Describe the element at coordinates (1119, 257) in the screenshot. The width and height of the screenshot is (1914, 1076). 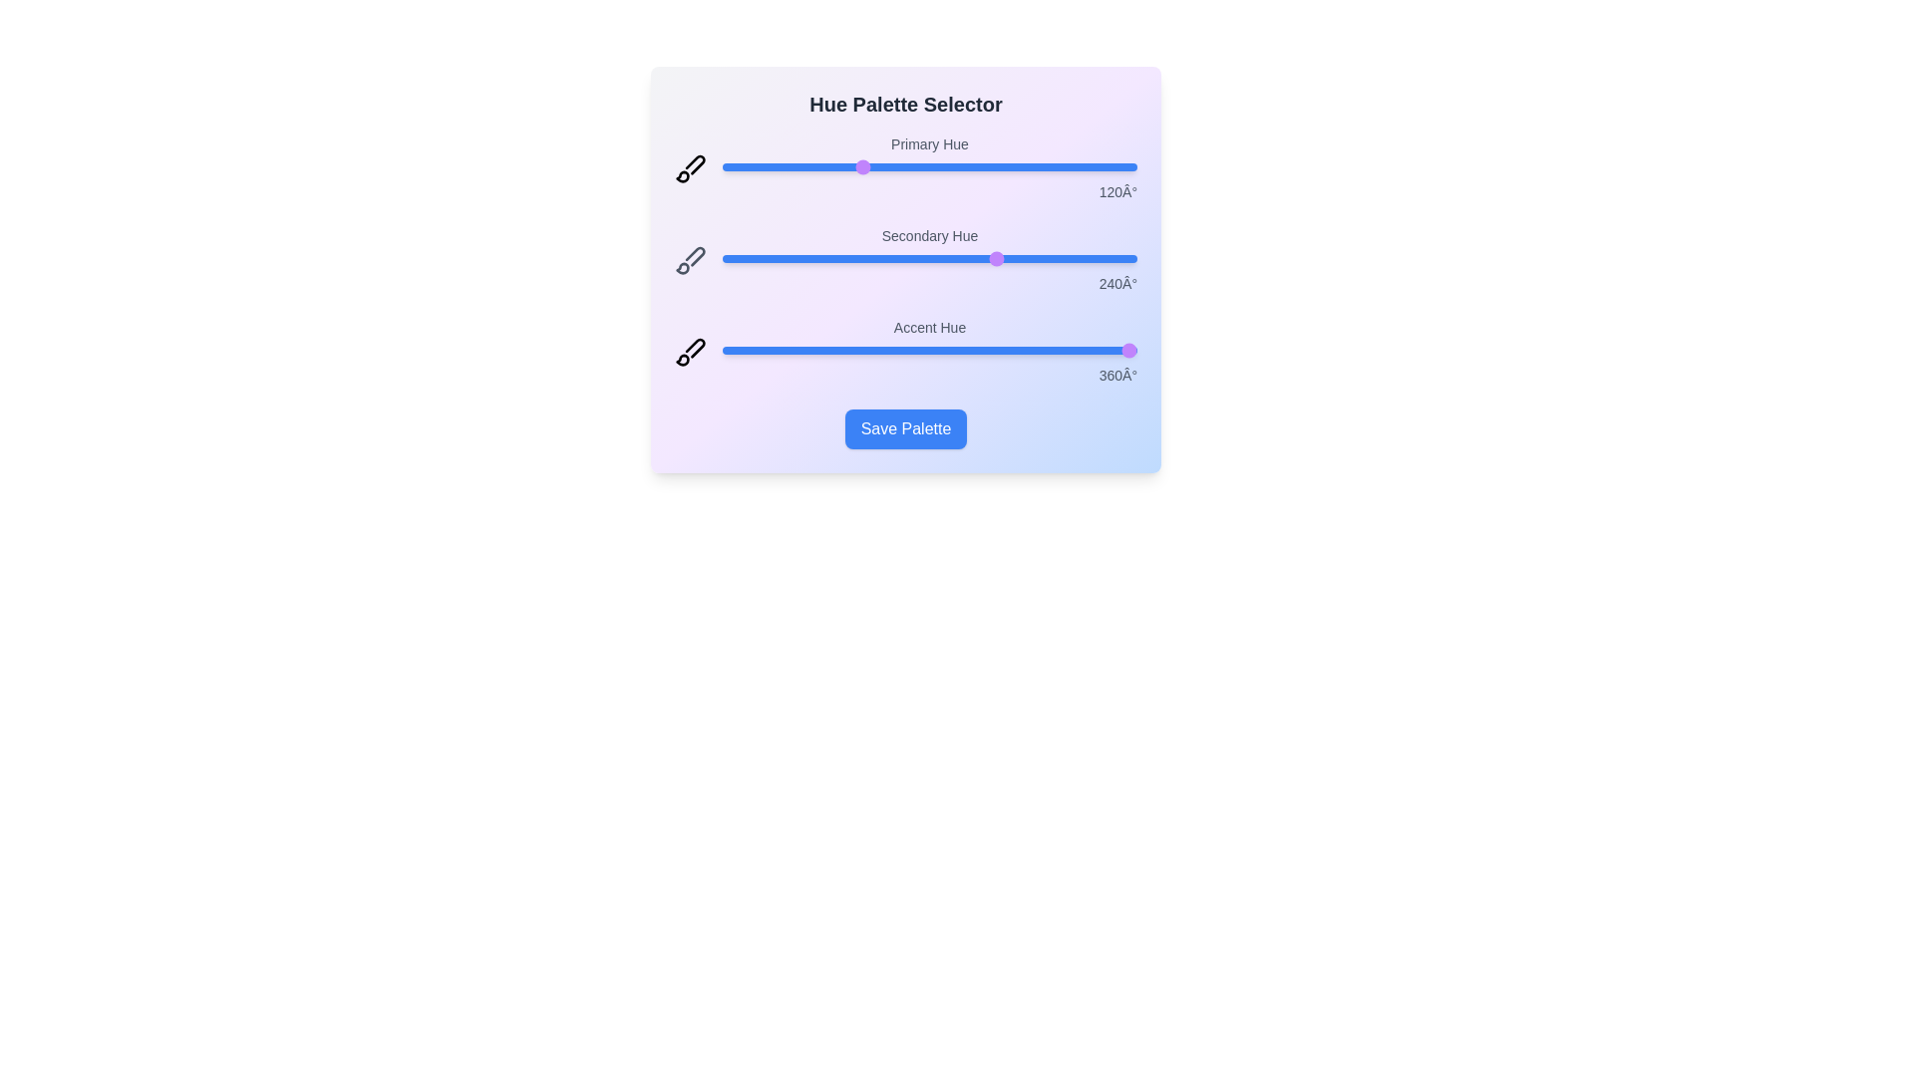
I see `the 'Secondary Hue' slider to 345 degrees` at that location.